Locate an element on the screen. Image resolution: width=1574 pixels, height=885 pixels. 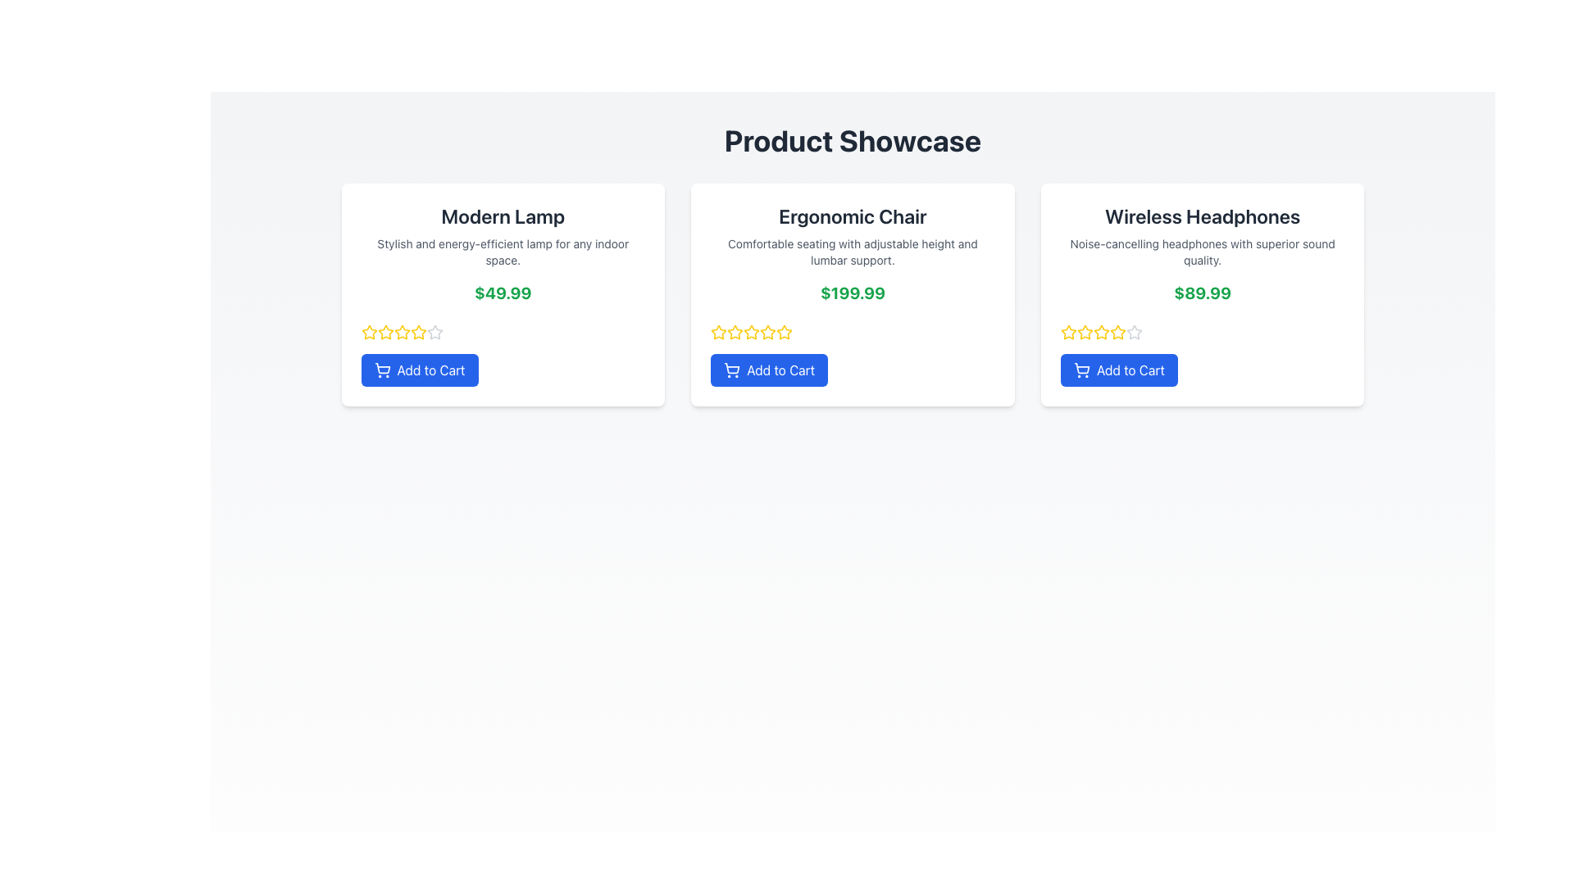
the Decorative Icon within the 'Add to Cart' button for the 'Ergonomic Chair' product to visually indicate the action of adding the product to the shopping cart is located at coordinates (731, 367).